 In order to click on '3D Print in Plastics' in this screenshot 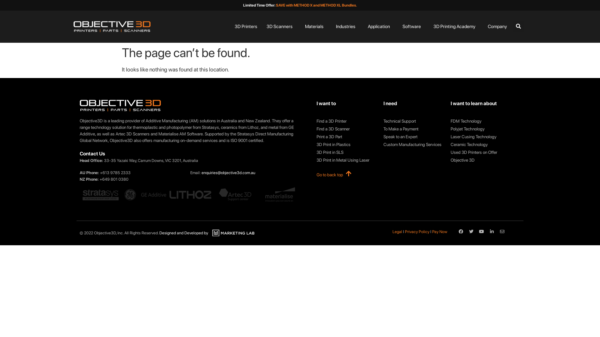, I will do `click(347, 144)`.